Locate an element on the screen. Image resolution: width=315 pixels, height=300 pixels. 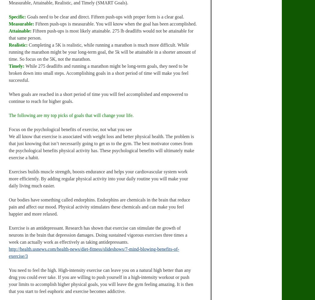
'Goals need to be clear and direct. Fifteen push-ups with proper form is a clear goal.' is located at coordinates (105, 16).